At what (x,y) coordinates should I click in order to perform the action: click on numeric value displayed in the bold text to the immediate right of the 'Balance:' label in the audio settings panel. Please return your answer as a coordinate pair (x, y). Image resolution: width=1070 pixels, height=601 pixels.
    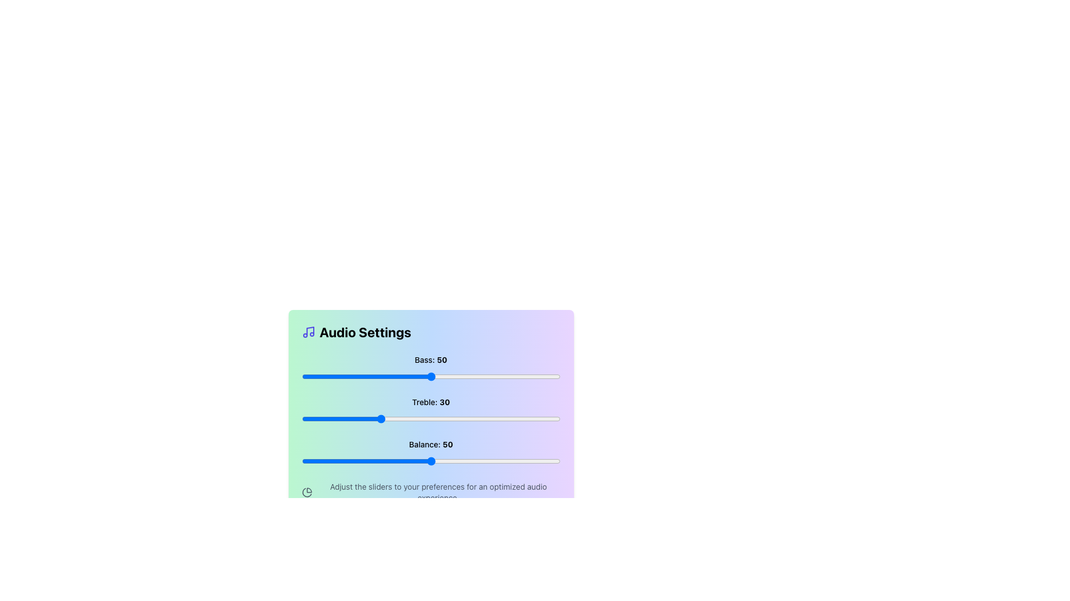
    Looking at the image, I should click on (448, 444).